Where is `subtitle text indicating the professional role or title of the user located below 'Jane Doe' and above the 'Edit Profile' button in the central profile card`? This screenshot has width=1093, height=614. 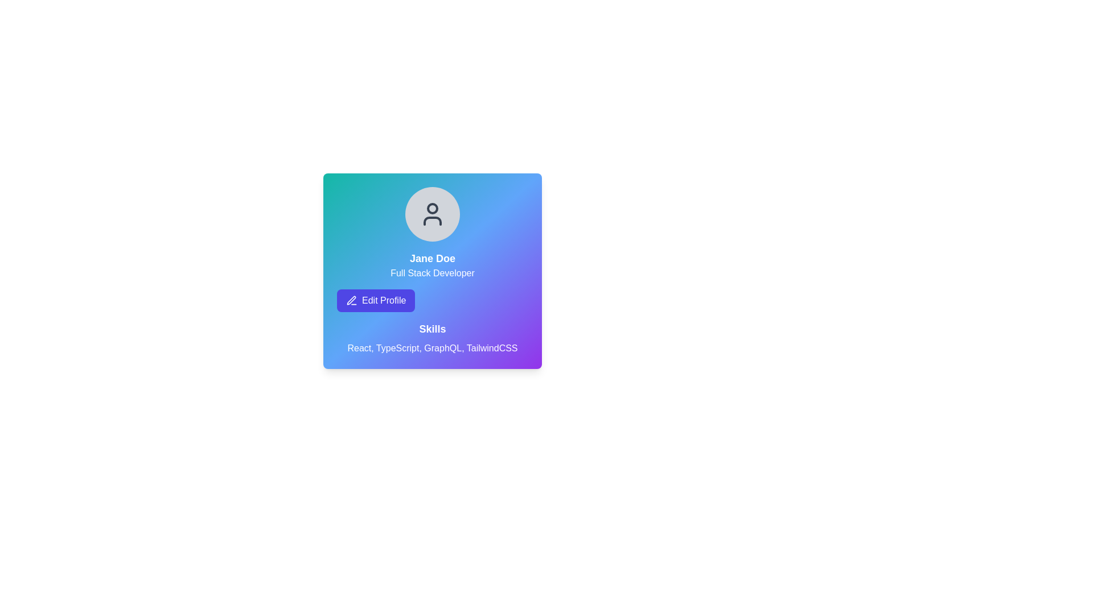
subtitle text indicating the professional role or title of the user located below 'Jane Doe' and above the 'Edit Profile' button in the central profile card is located at coordinates (432, 273).